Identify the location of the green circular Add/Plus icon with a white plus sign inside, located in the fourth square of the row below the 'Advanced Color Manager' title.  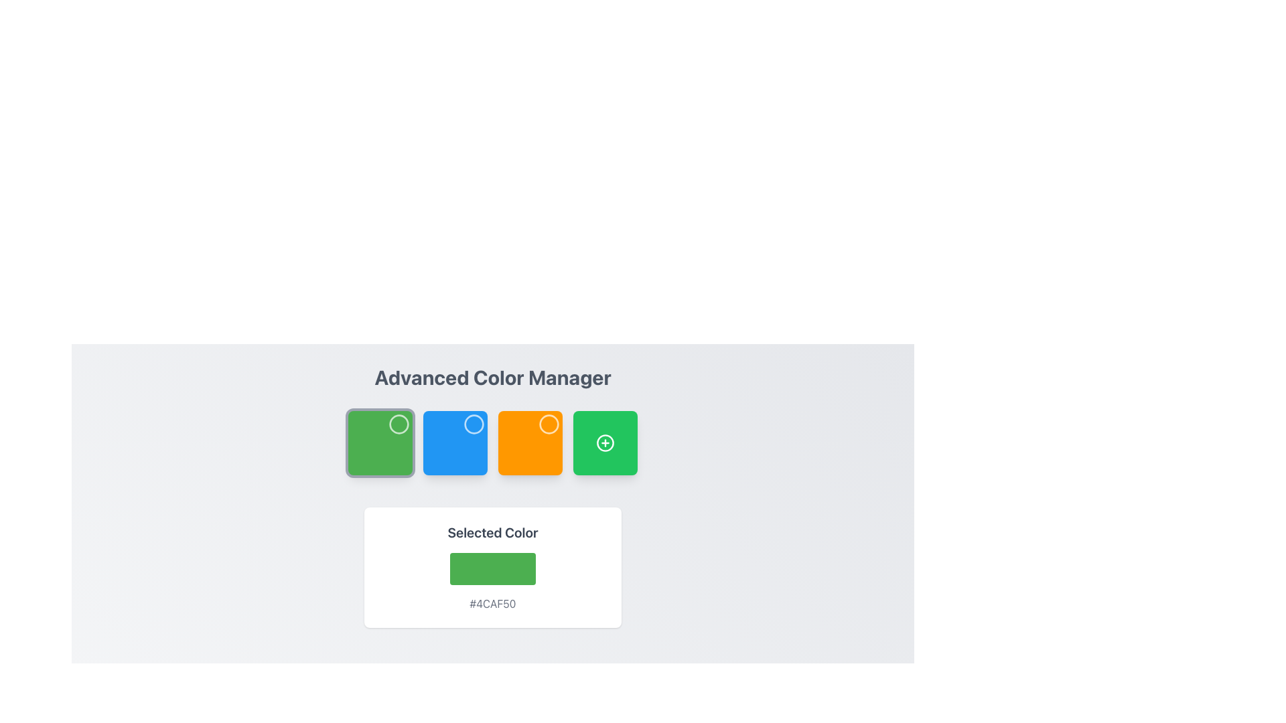
(604, 443).